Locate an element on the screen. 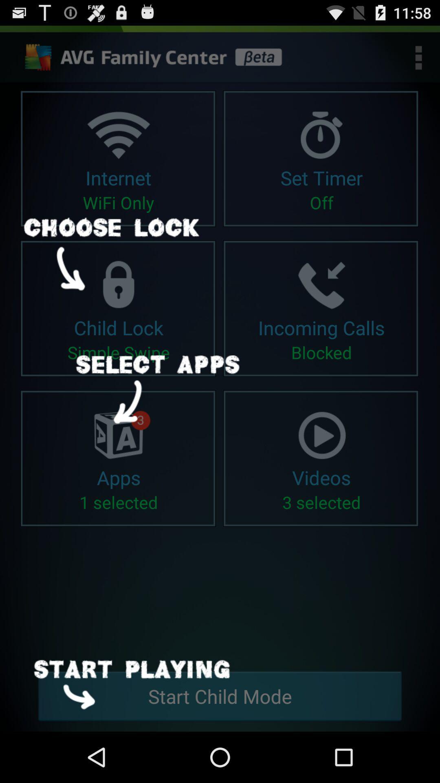 The width and height of the screenshot is (440, 783). the first frame in third row is located at coordinates (118, 458).